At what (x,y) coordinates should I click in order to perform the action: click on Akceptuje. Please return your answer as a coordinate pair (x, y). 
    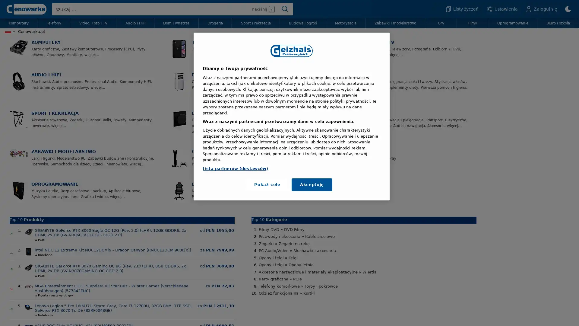
    Looking at the image, I should click on (312, 184).